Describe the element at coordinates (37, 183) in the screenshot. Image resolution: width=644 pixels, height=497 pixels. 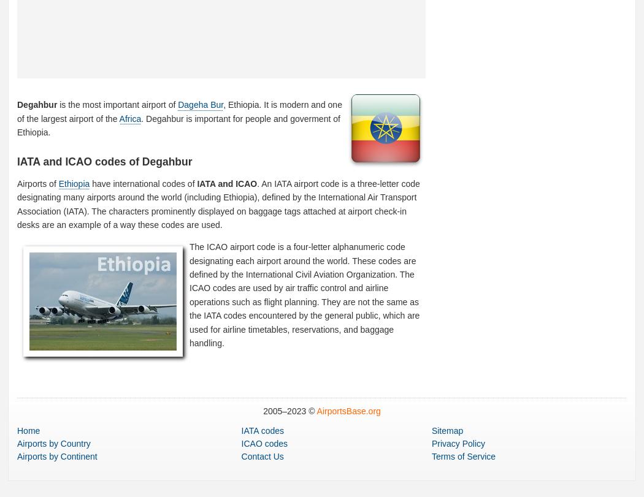
I see `'Airports of'` at that location.